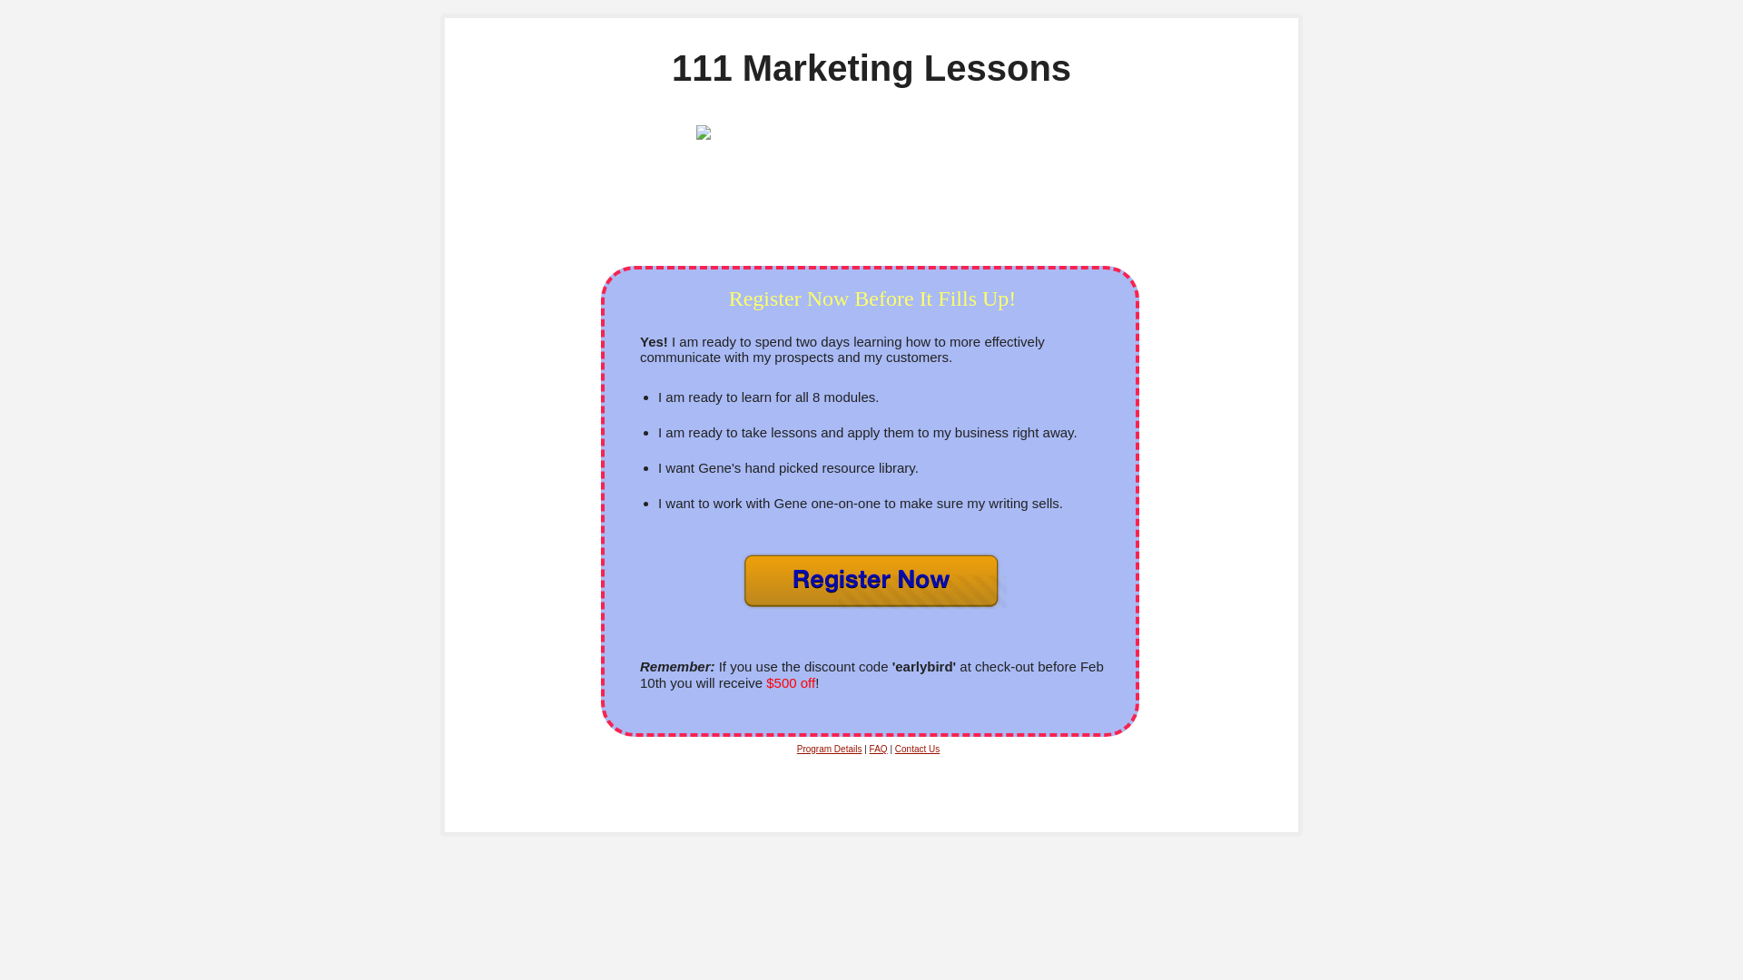 Image resolution: width=1743 pixels, height=980 pixels. I want to click on 'FAQ', so click(879, 749).